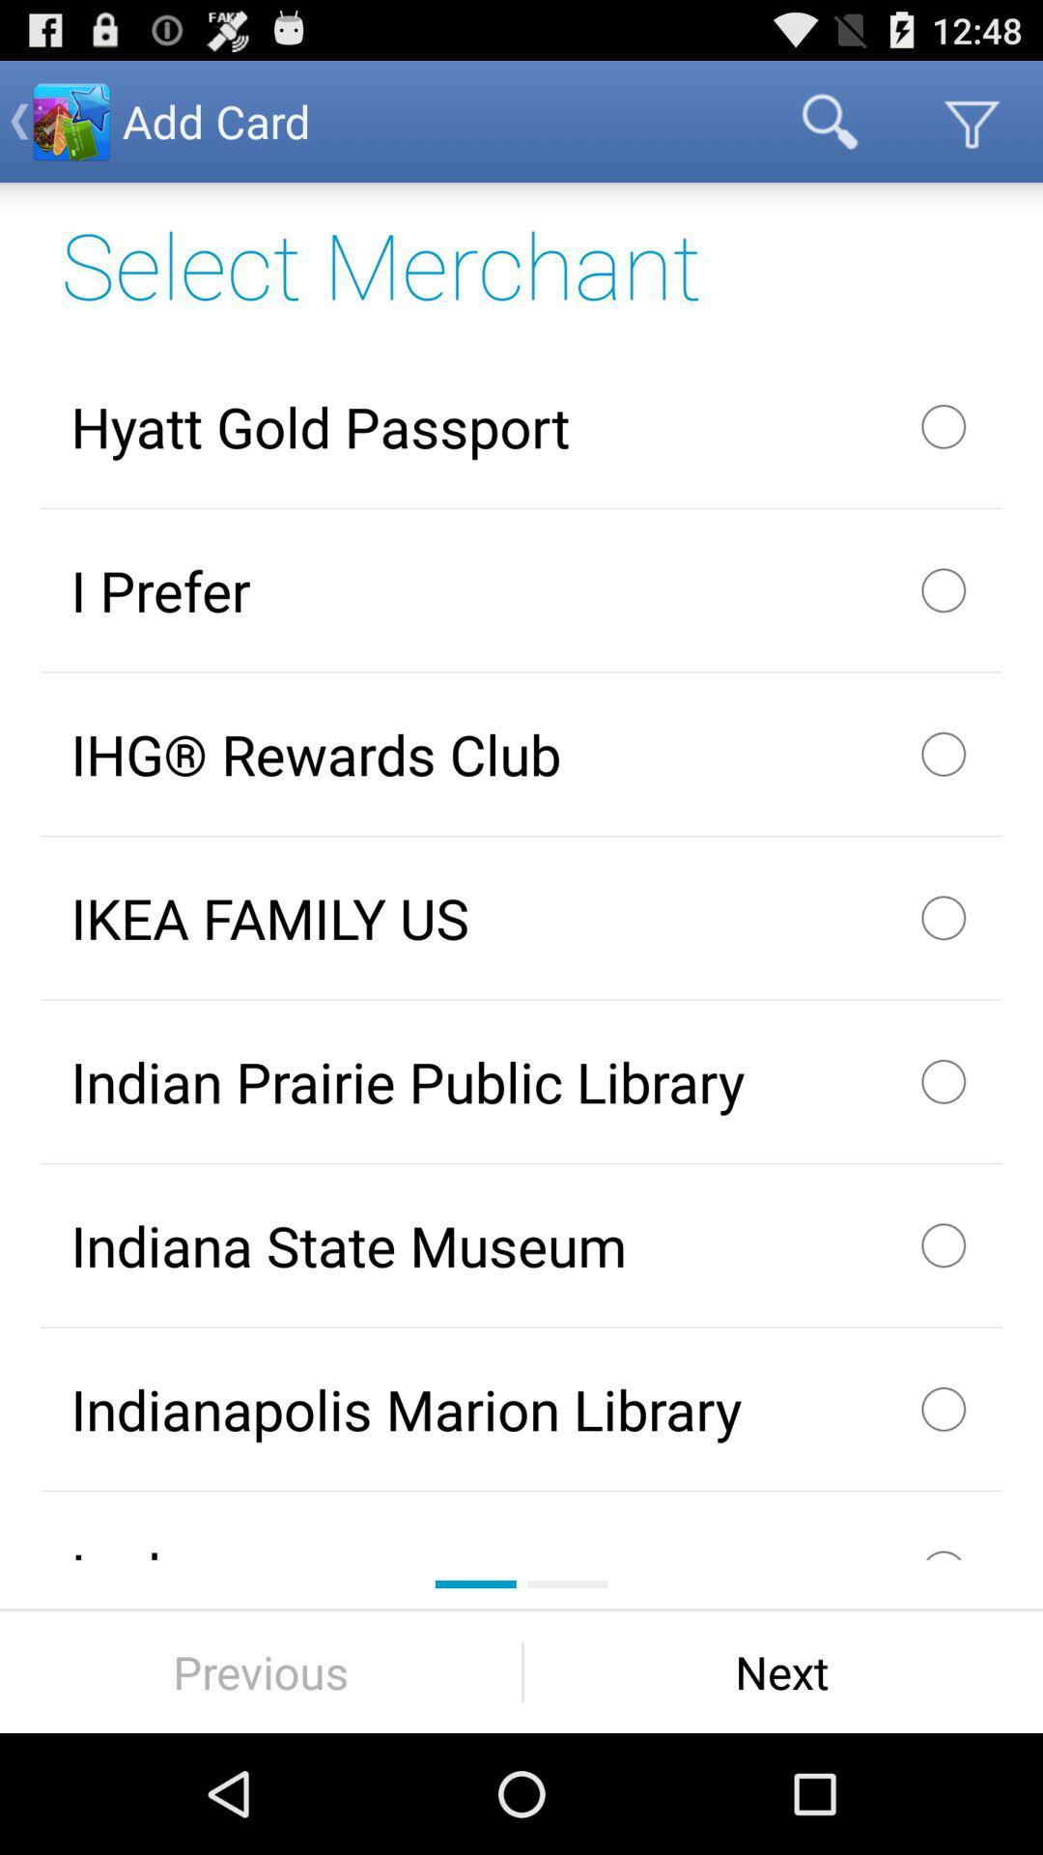 Image resolution: width=1043 pixels, height=1855 pixels. I want to click on app below select merchant, so click(521, 425).